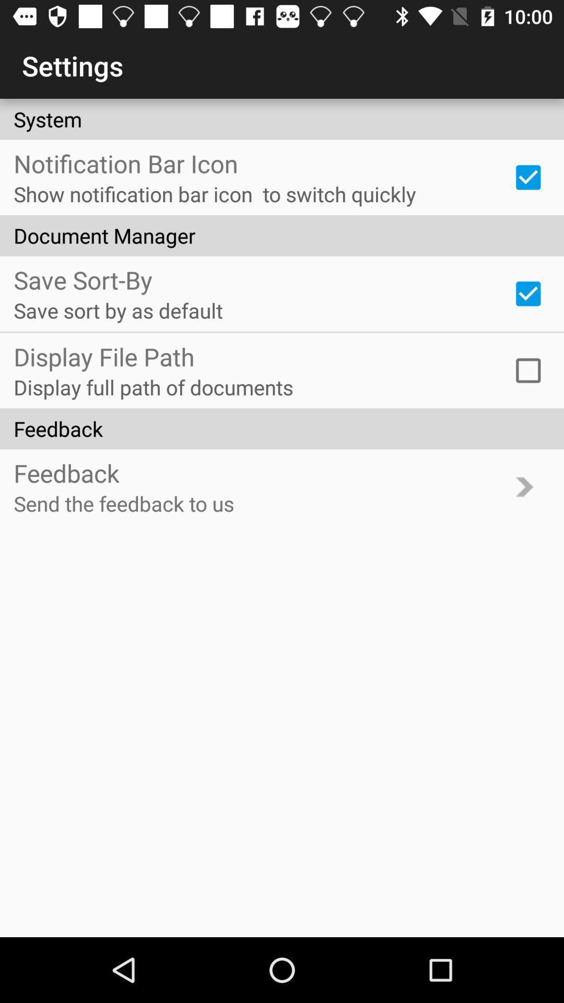 This screenshot has width=564, height=1003. Describe the element at coordinates (528, 370) in the screenshot. I see `icon to the right of the display full path item` at that location.